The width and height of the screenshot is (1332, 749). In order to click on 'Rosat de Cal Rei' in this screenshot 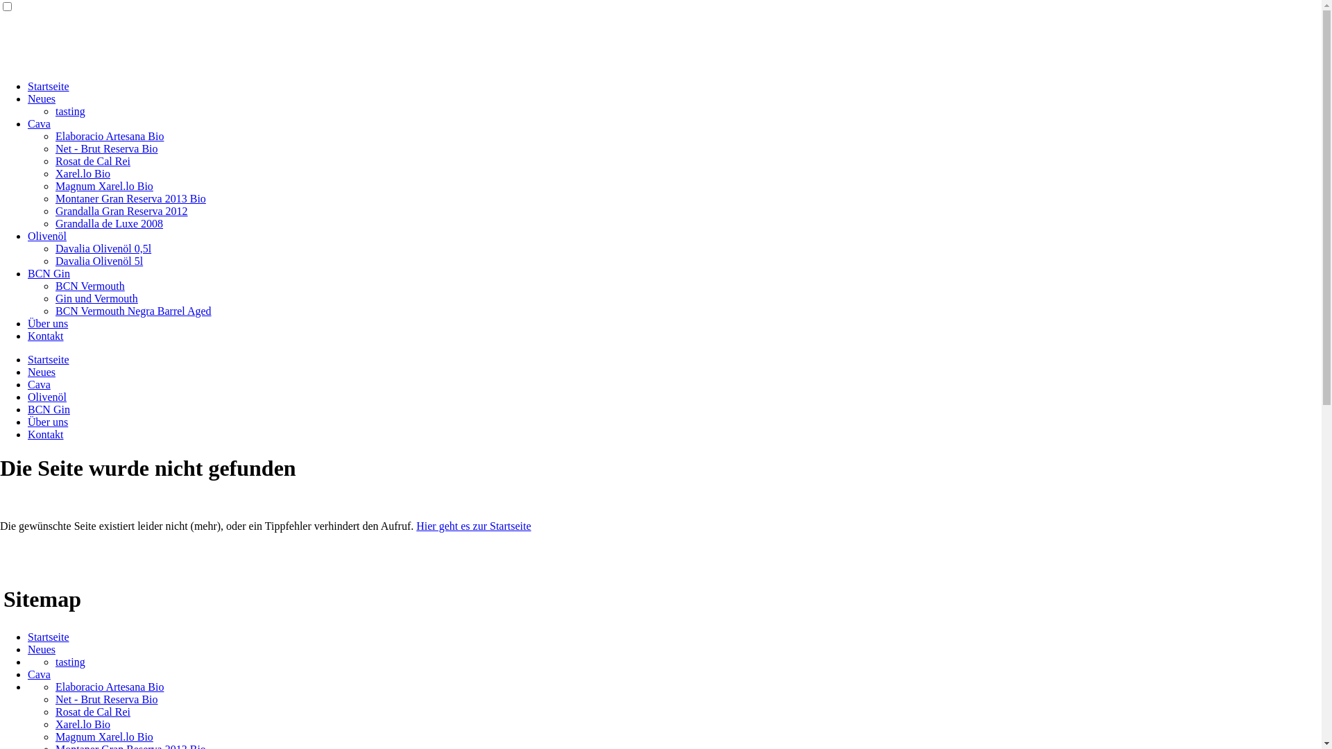, I will do `click(92, 712)`.